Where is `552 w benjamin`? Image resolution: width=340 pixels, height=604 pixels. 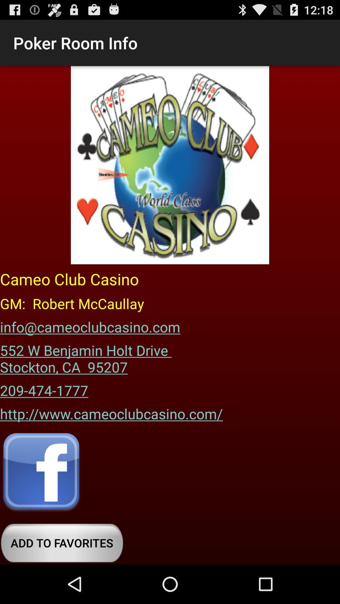
552 w benjamin is located at coordinates (88, 356).